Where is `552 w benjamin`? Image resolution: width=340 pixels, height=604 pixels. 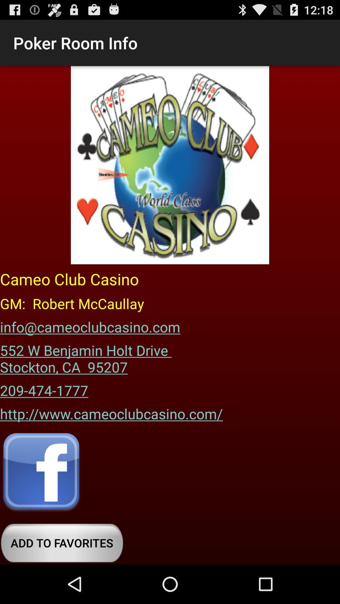
552 w benjamin is located at coordinates (88, 356).